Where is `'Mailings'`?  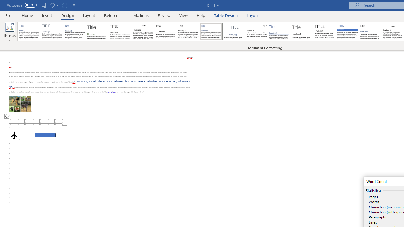 'Mailings' is located at coordinates (141, 15).